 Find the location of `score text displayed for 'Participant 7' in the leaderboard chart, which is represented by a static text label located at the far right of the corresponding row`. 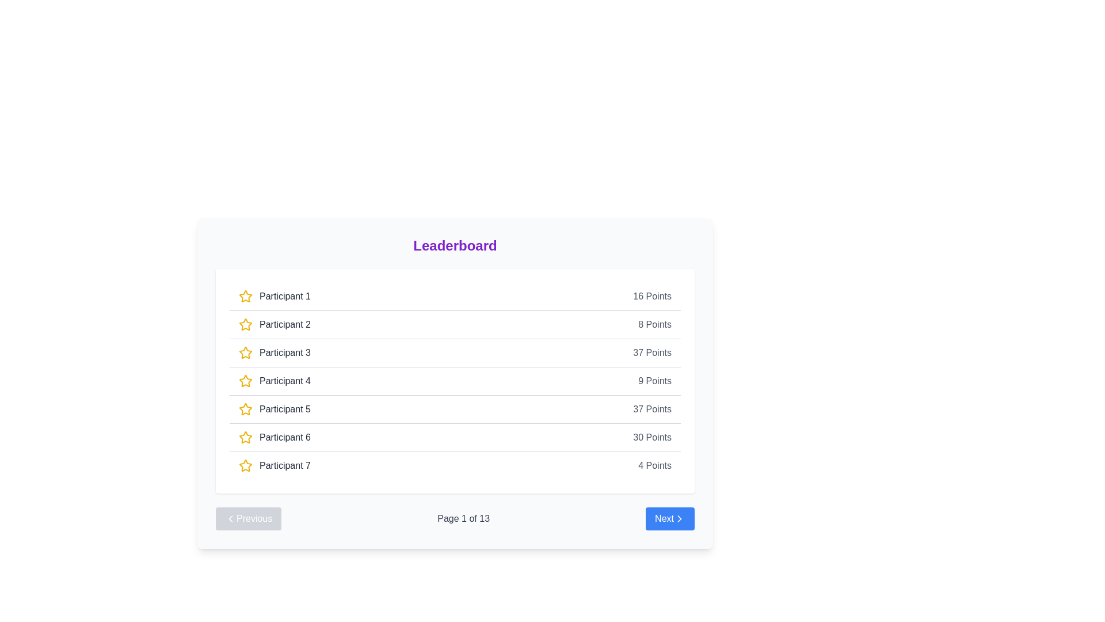

score text displayed for 'Participant 7' in the leaderboard chart, which is represented by a static text label located at the far right of the corresponding row is located at coordinates (655, 465).